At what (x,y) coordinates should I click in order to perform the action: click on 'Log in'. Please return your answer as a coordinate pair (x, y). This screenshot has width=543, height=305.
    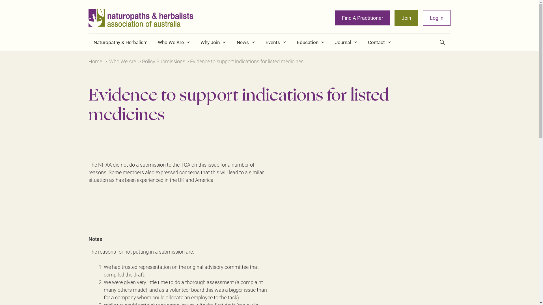
    Looking at the image, I should click on (436, 18).